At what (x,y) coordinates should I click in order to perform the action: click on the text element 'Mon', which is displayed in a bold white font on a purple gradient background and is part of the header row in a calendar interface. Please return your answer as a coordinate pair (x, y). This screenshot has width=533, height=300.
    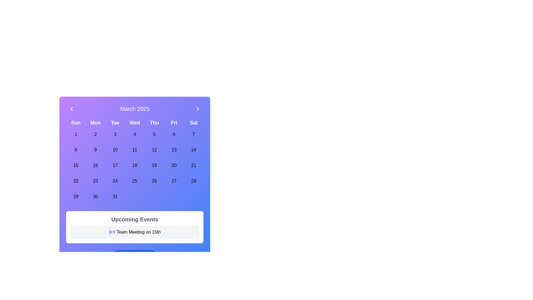
    Looking at the image, I should click on (95, 122).